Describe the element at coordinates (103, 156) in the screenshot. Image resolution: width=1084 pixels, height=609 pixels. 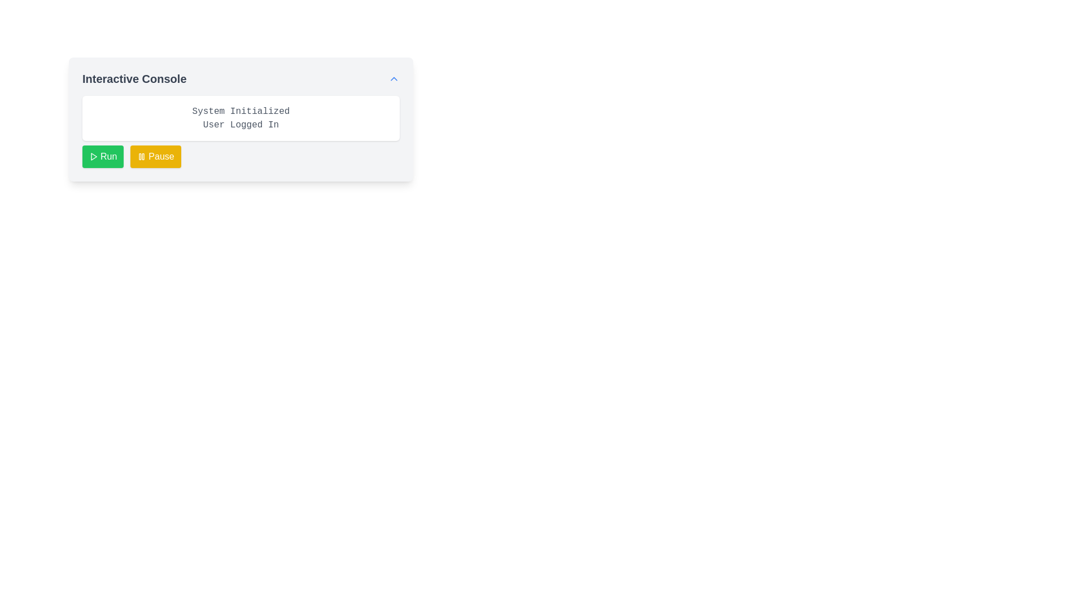
I see `the 'Run' button located` at that location.